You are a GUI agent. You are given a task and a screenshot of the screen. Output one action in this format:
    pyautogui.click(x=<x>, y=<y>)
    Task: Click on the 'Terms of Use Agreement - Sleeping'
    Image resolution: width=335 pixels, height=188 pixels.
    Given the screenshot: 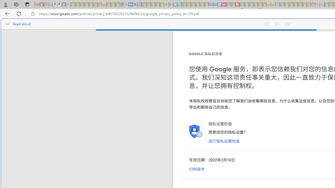 What is the action you would take?
    pyautogui.click(x=175, y=4)
    